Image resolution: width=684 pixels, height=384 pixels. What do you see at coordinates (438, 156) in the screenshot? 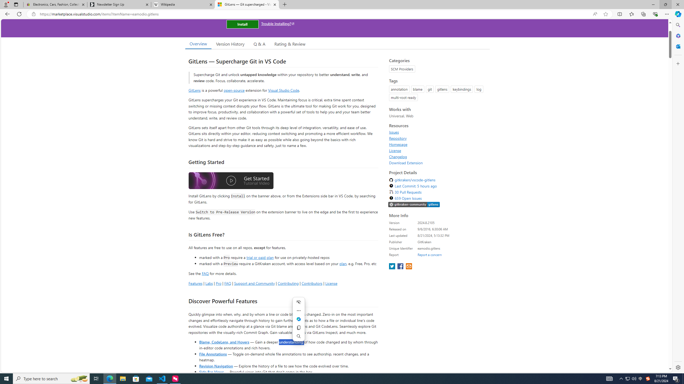
I see `'Changelog'` at bounding box center [438, 156].